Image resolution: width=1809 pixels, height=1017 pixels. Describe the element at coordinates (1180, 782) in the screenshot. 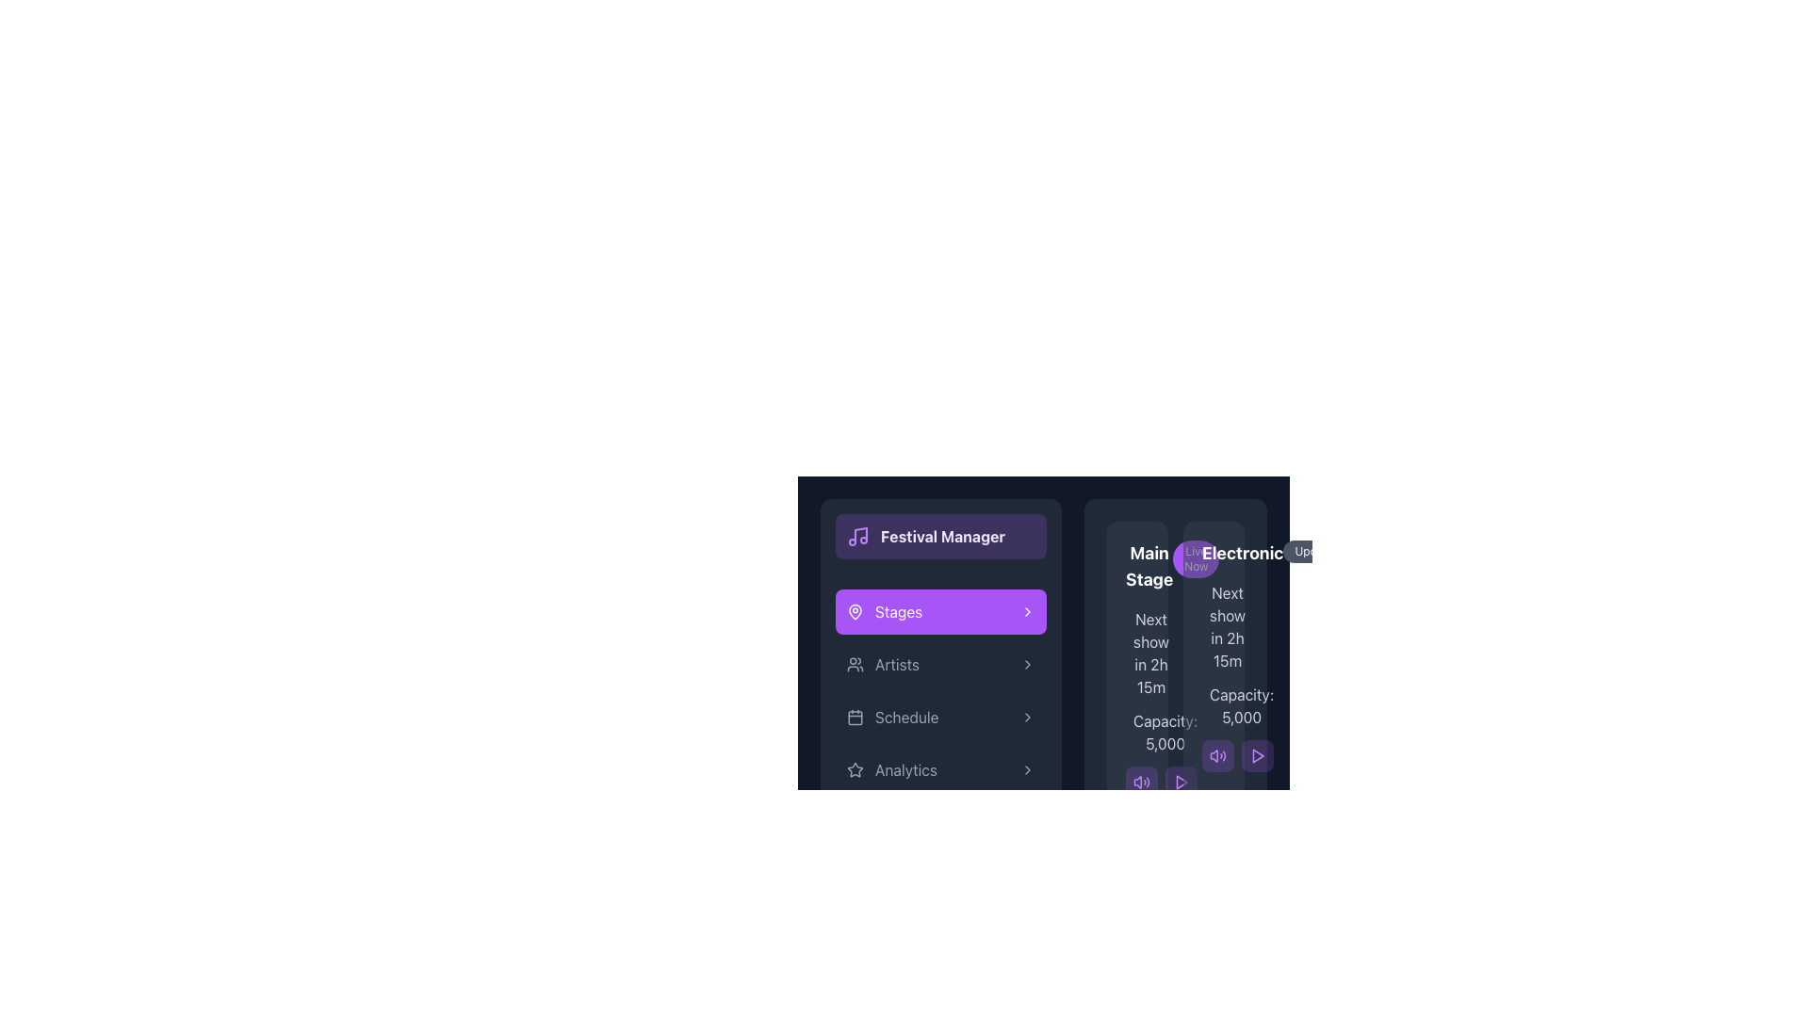

I see `the play icon button, which is represented by a triangle pointing to the right and is located to the bottom-right of the 'Electronic' stage information panel` at that location.